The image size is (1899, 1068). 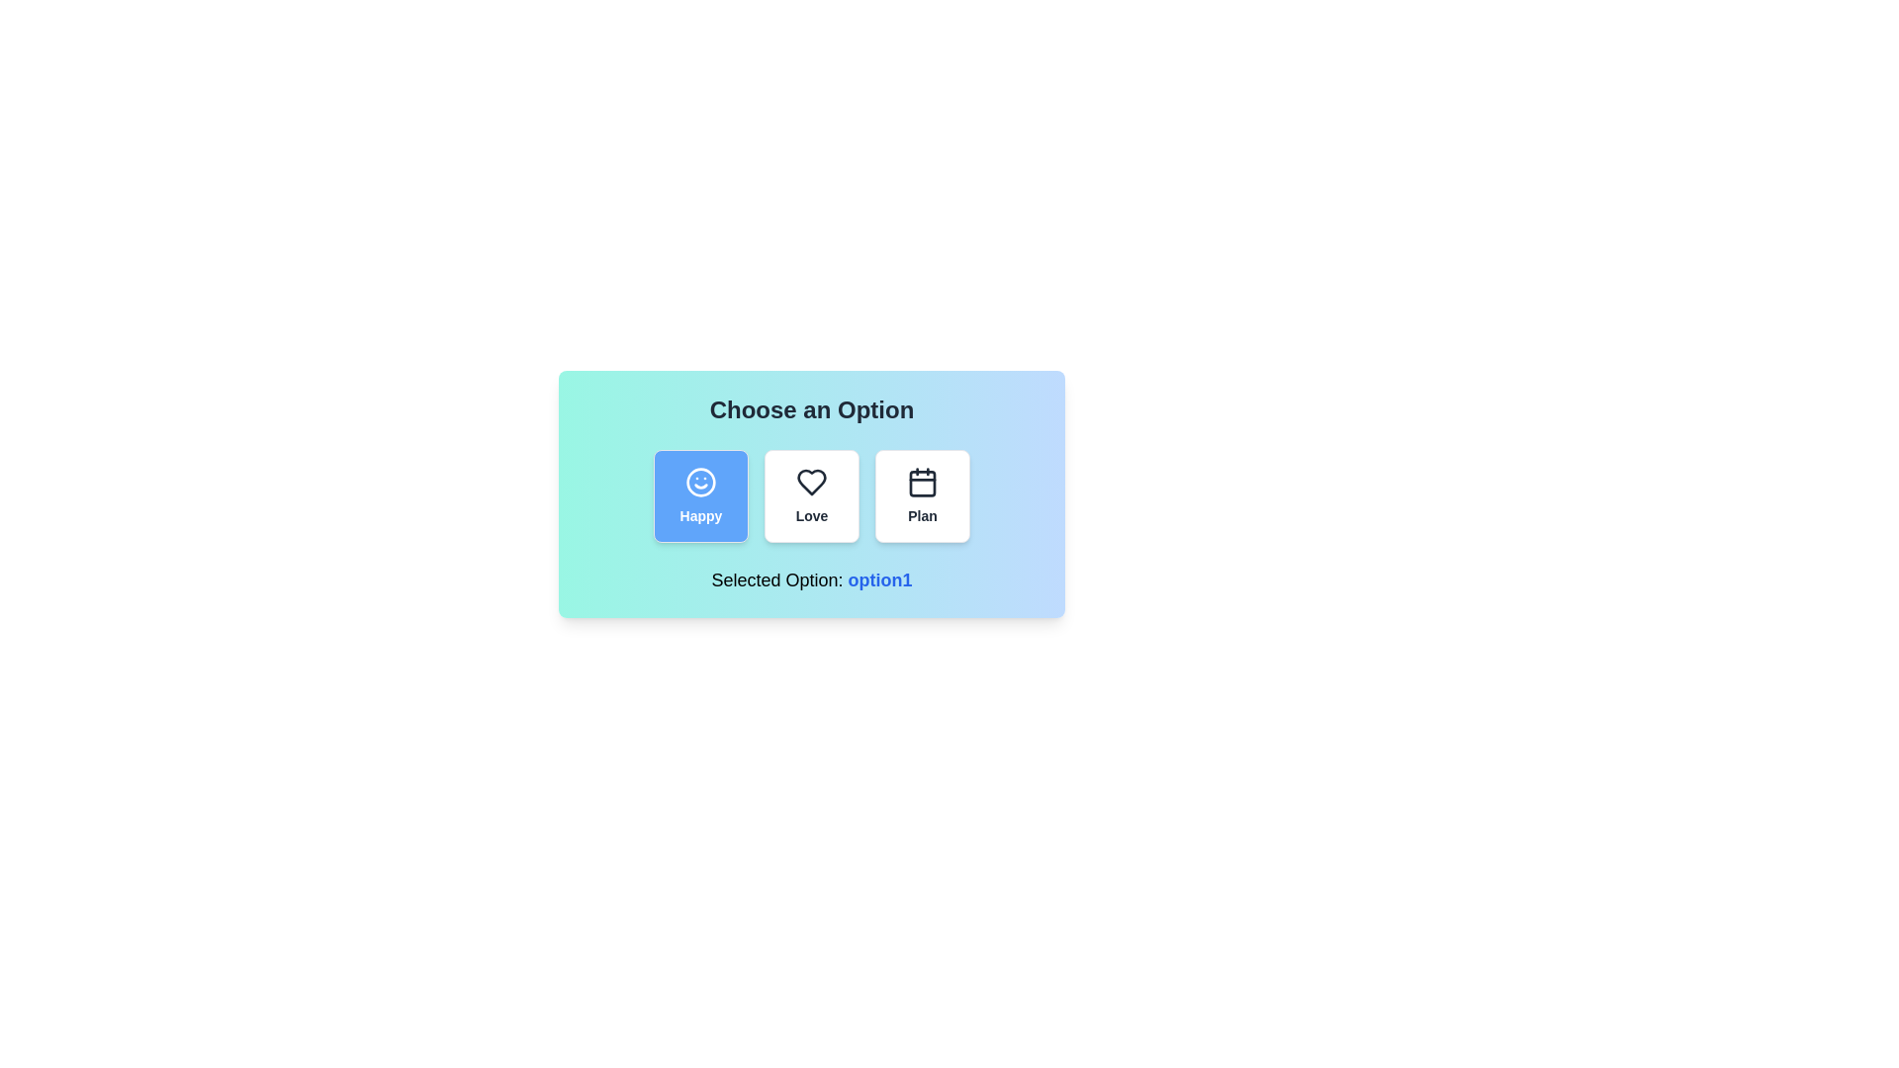 I want to click on the text label located at the bottom section of the card-like UI component, which features black text for the label and a blue, bold font for the option value, so click(x=811, y=578).